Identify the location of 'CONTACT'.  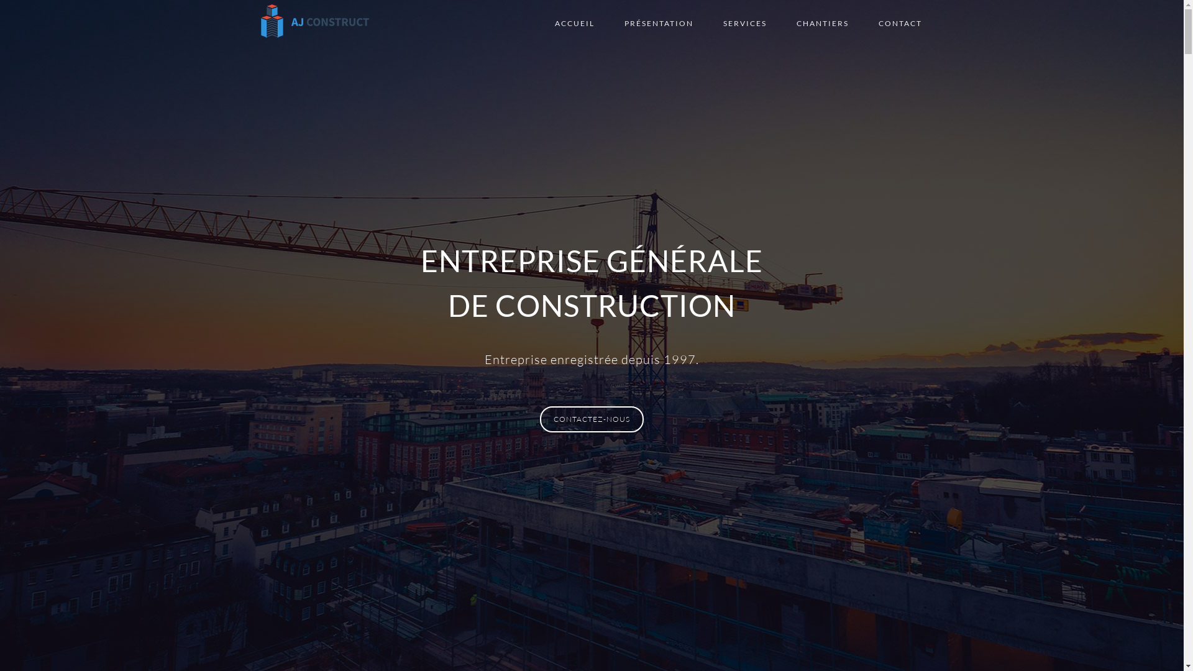
(900, 23).